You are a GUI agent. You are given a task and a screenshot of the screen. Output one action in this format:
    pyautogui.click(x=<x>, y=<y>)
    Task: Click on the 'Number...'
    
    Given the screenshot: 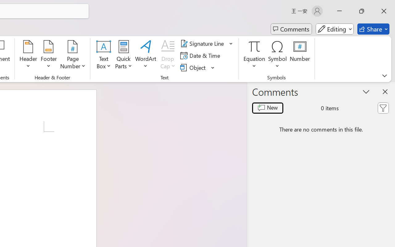 What is the action you would take?
    pyautogui.click(x=300, y=55)
    